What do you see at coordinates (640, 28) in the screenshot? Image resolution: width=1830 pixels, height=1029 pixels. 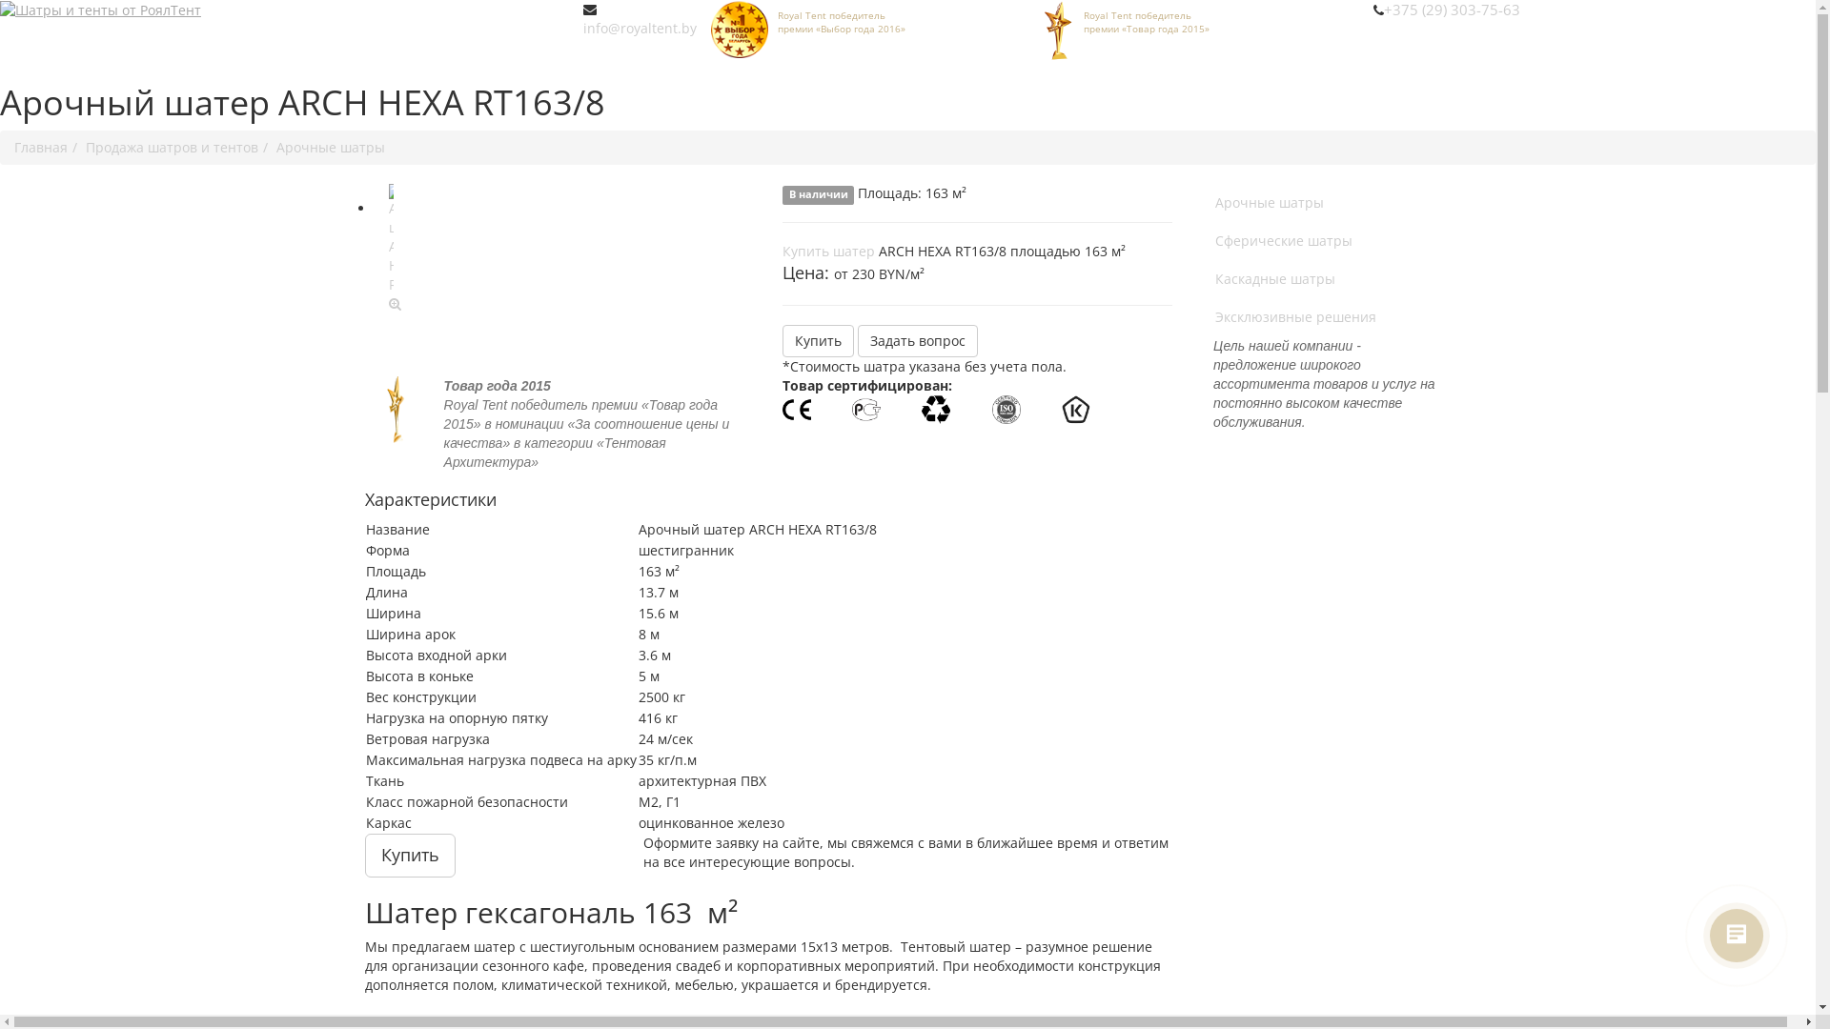 I see `'info@royaltent.by'` at bounding box center [640, 28].